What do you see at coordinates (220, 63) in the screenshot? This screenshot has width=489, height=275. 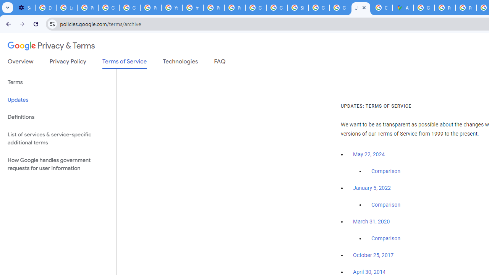 I see `'FAQ'` at bounding box center [220, 63].